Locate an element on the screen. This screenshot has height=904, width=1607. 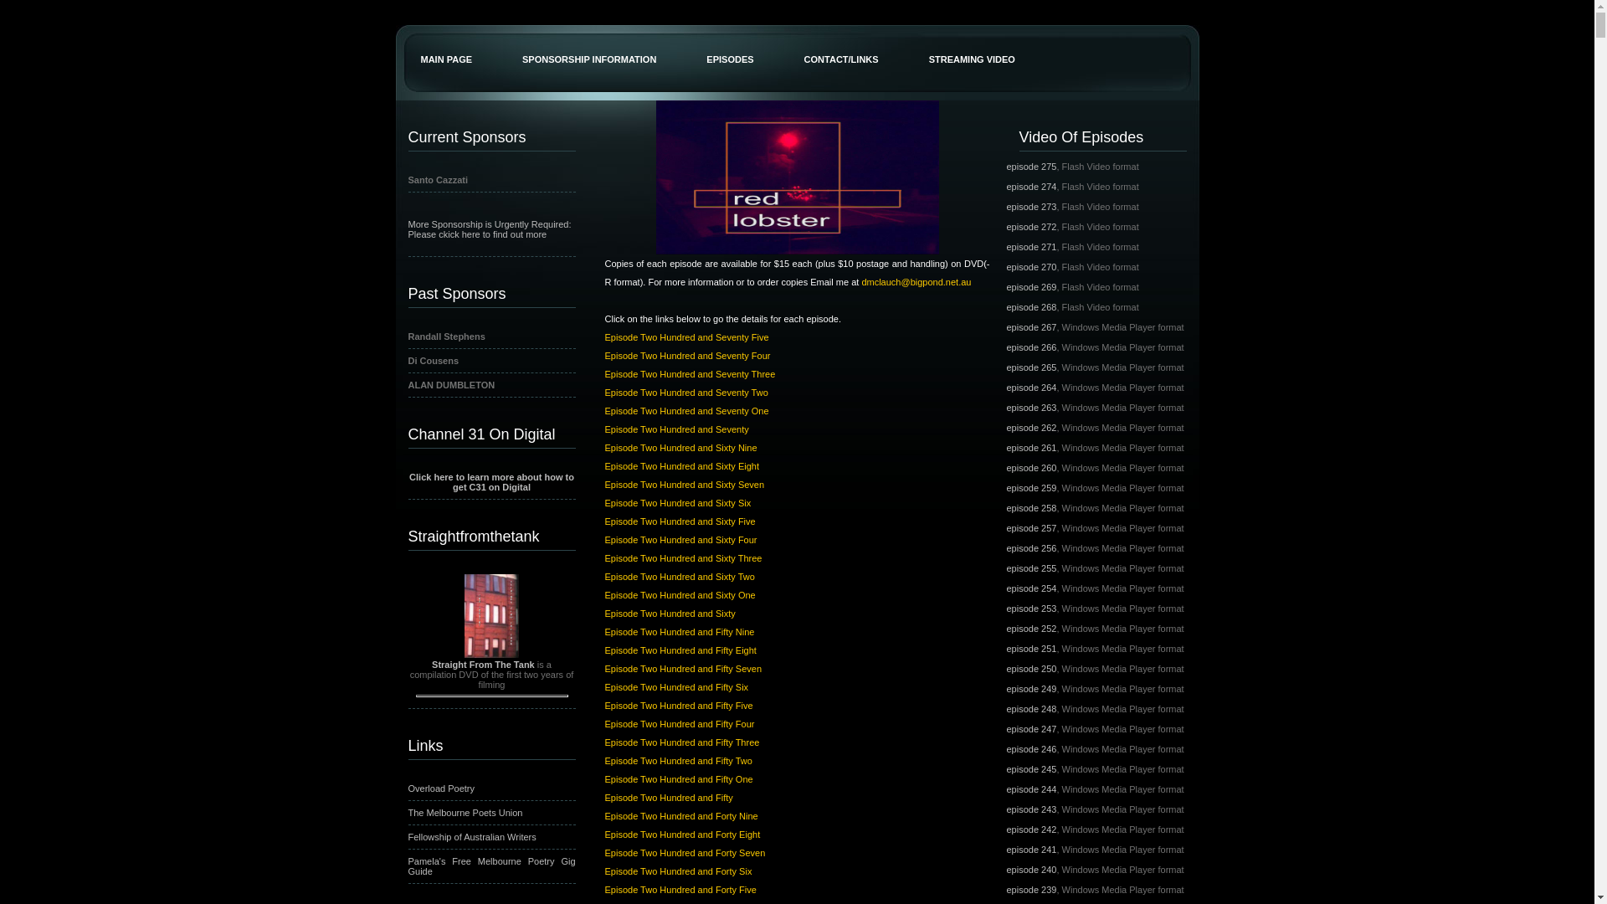
'Episode Two Hundred and Seventy Five' is located at coordinates (686, 336).